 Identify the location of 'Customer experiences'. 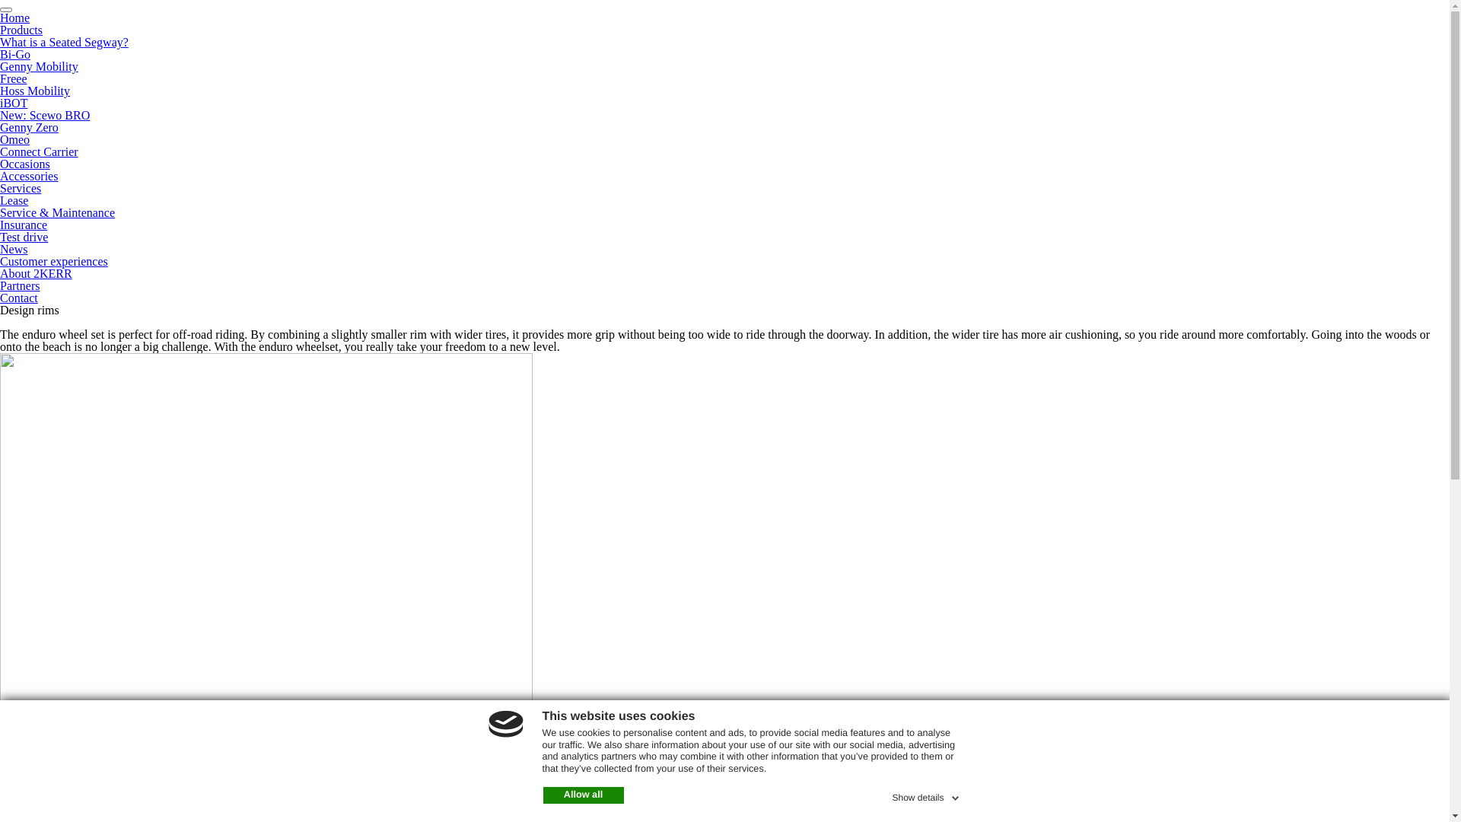
(54, 260).